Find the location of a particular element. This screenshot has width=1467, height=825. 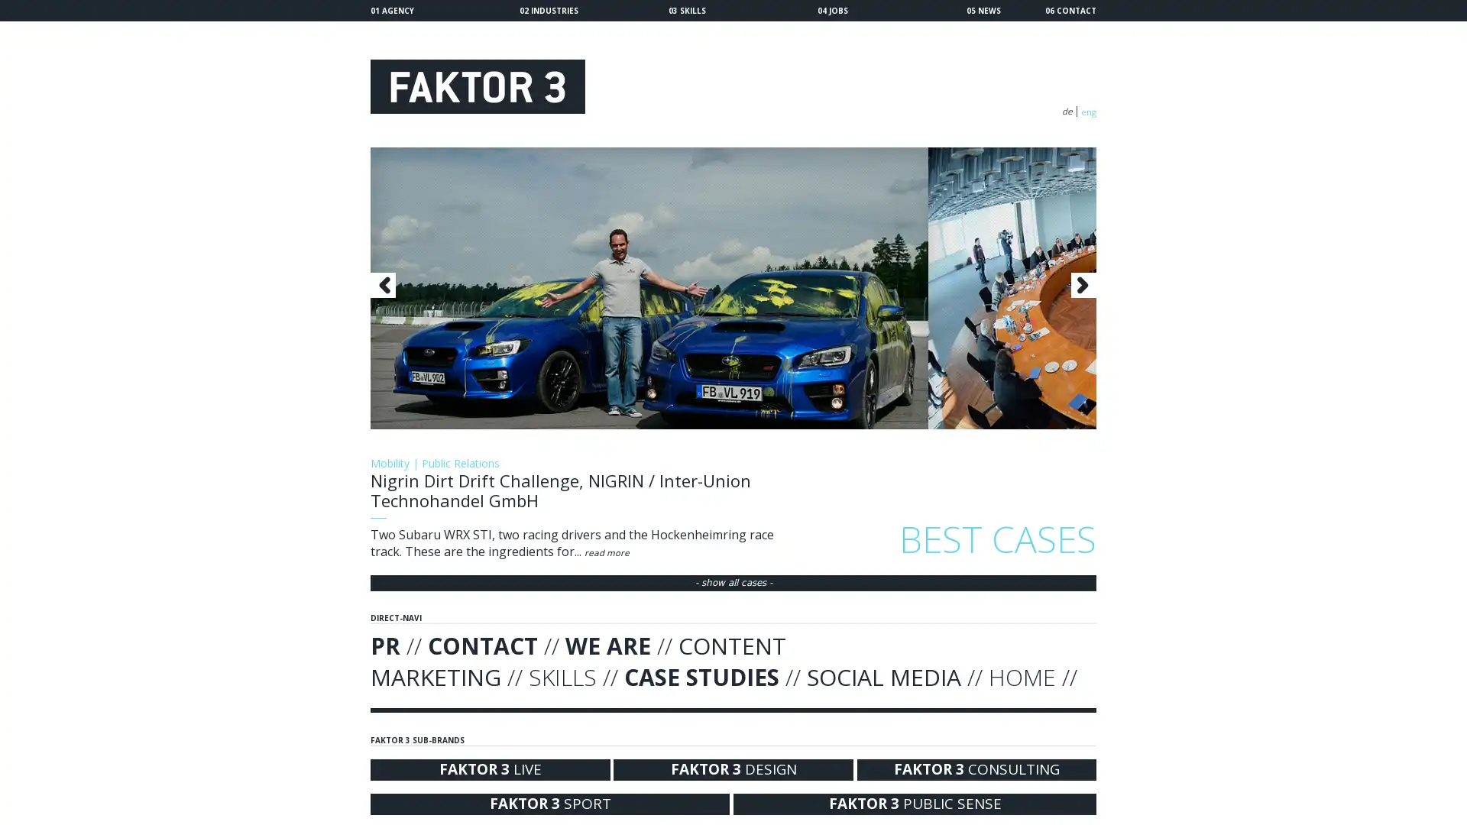

01 AGENCY is located at coordinates (392, 11).